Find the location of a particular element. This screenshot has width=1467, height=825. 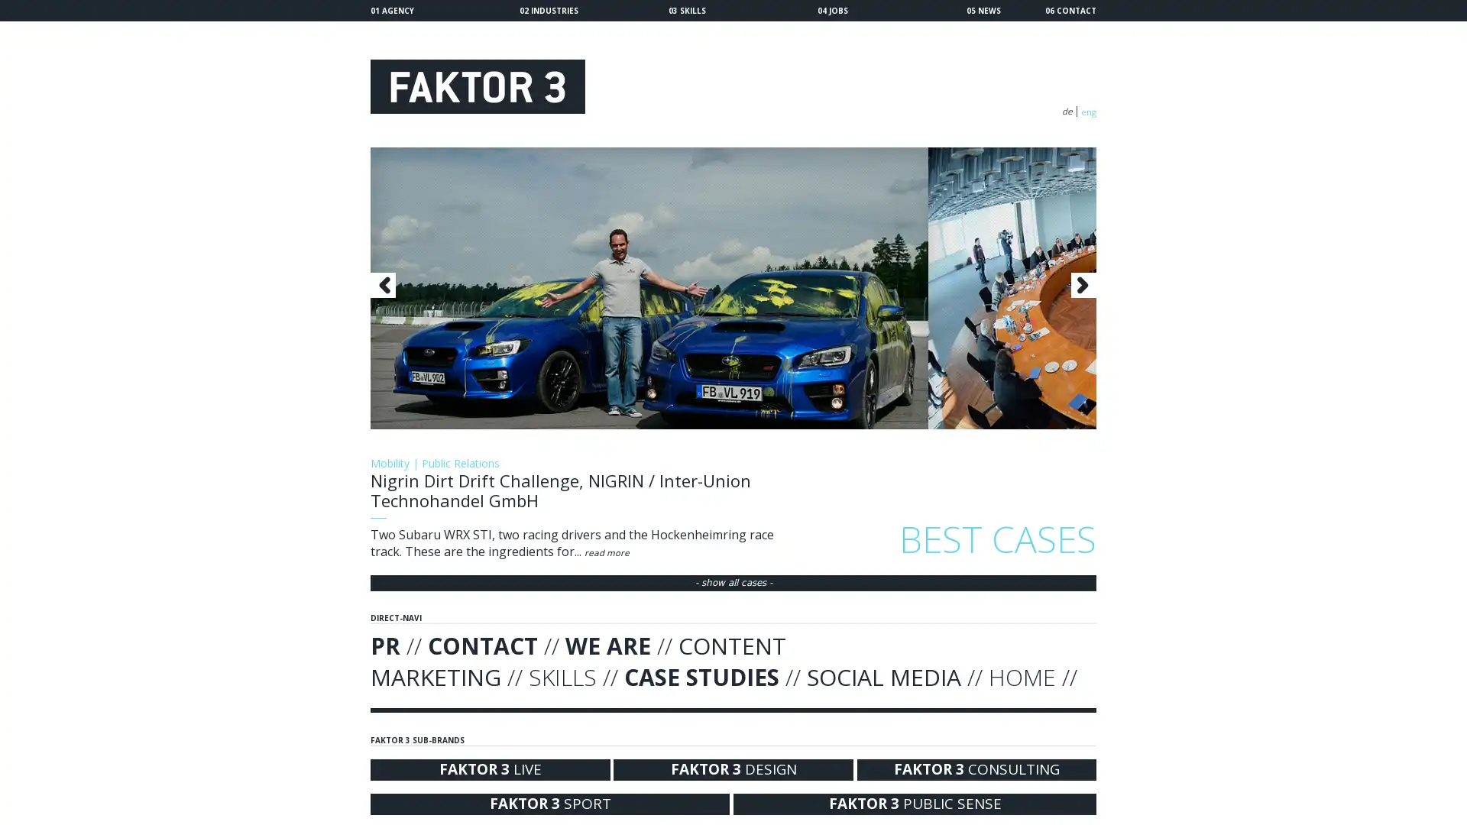

01 AGENCY is located at coordinates (392, 11).